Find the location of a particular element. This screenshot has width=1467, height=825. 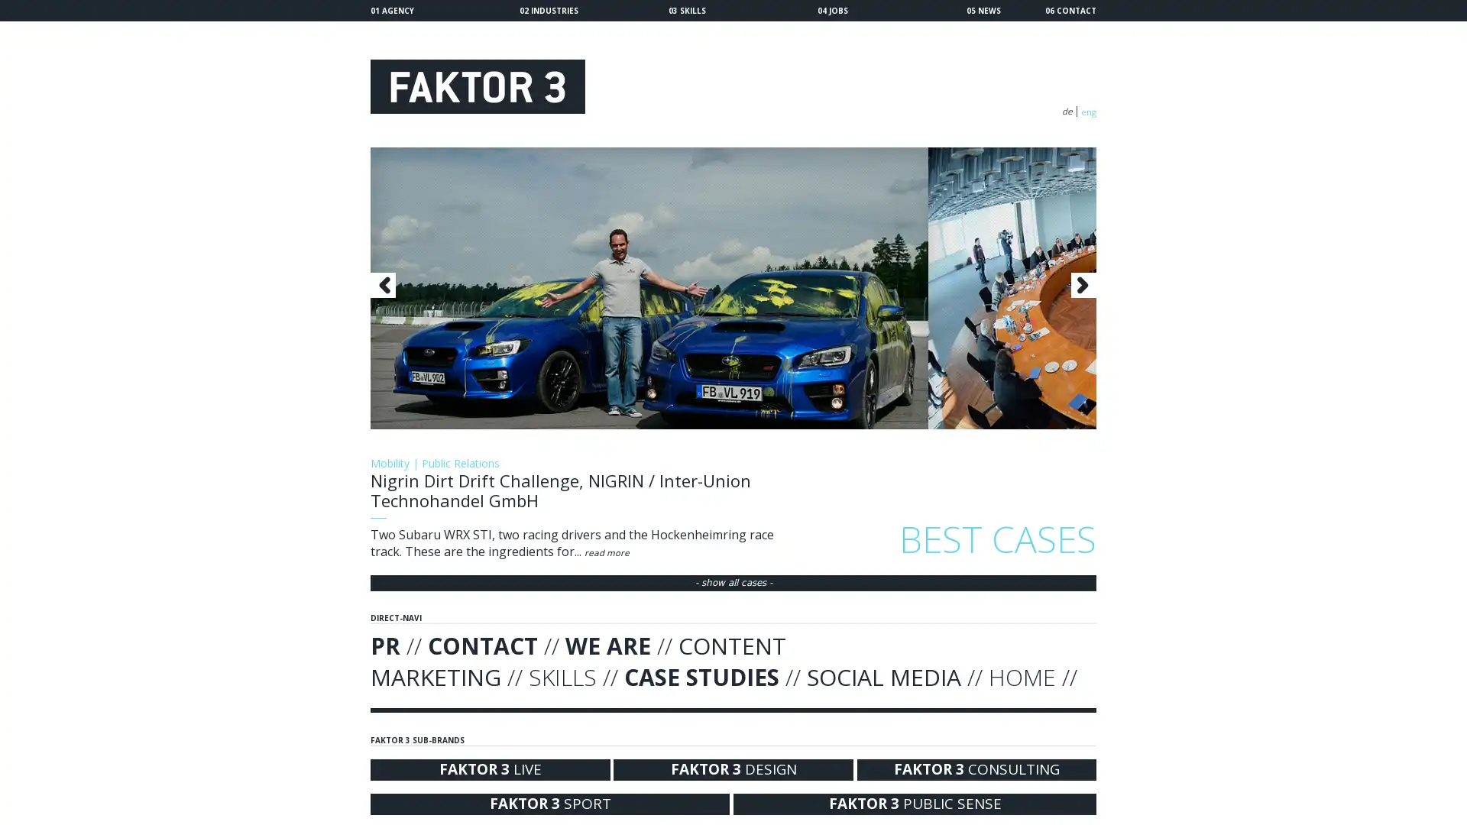

01 AGENCY is located at coordinates (392, 11).